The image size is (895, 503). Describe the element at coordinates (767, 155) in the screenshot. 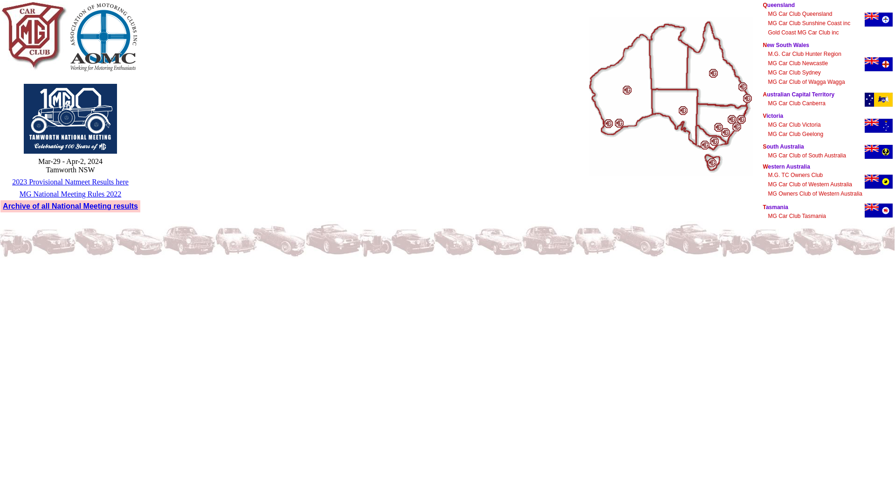

I see `'MG Car Club of South Australia'` at that location.